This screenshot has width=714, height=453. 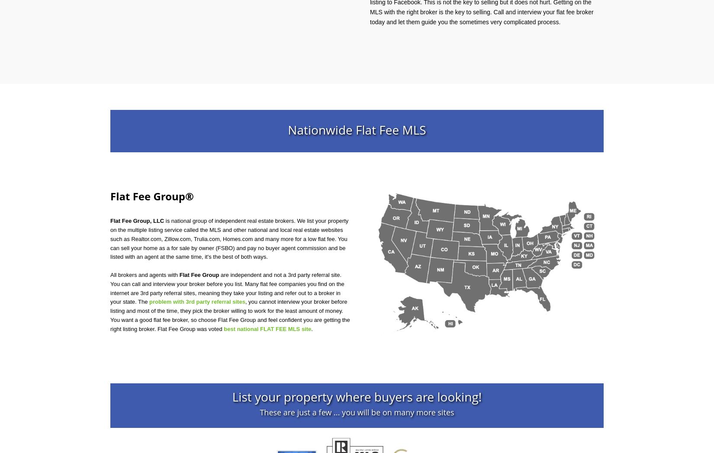 I want to click on '.', so click(x=311, y=328).